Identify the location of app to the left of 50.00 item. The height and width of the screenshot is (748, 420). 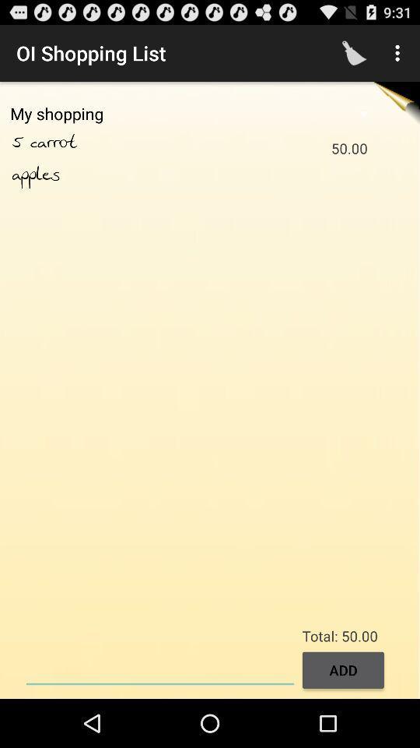
(70, 143).